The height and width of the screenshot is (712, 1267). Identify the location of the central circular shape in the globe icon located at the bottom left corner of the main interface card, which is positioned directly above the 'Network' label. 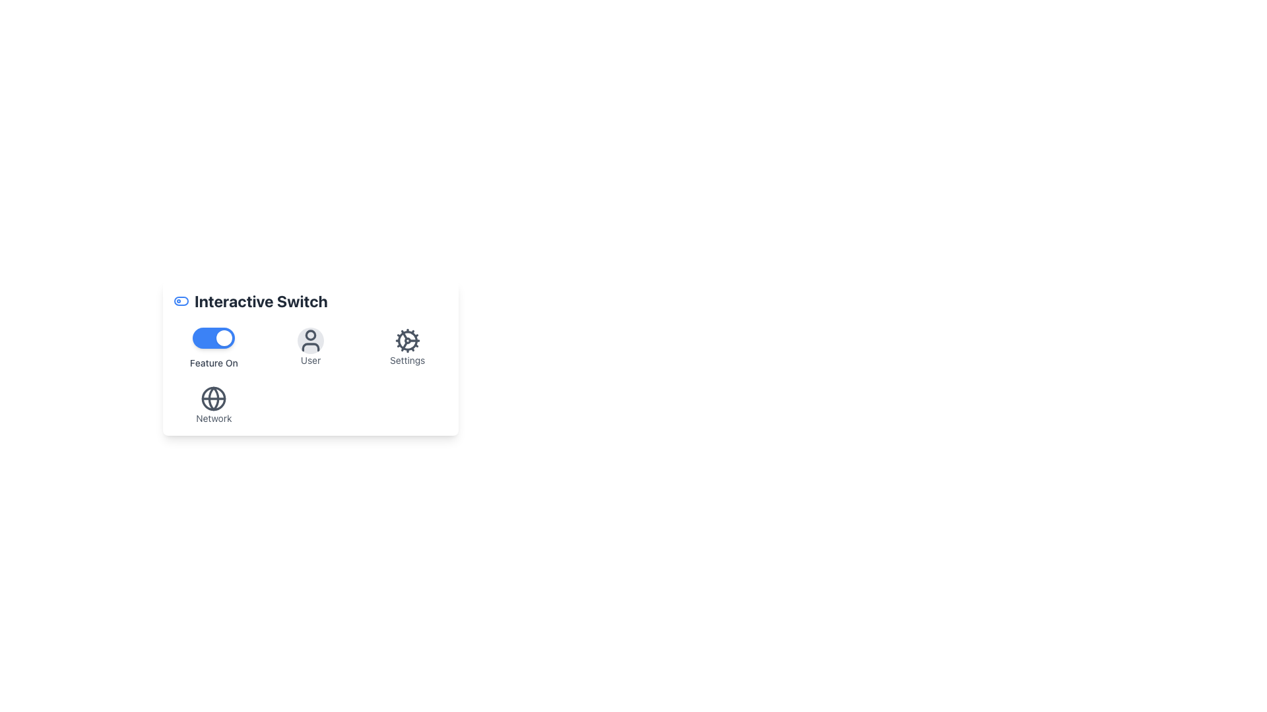
(214, 398).